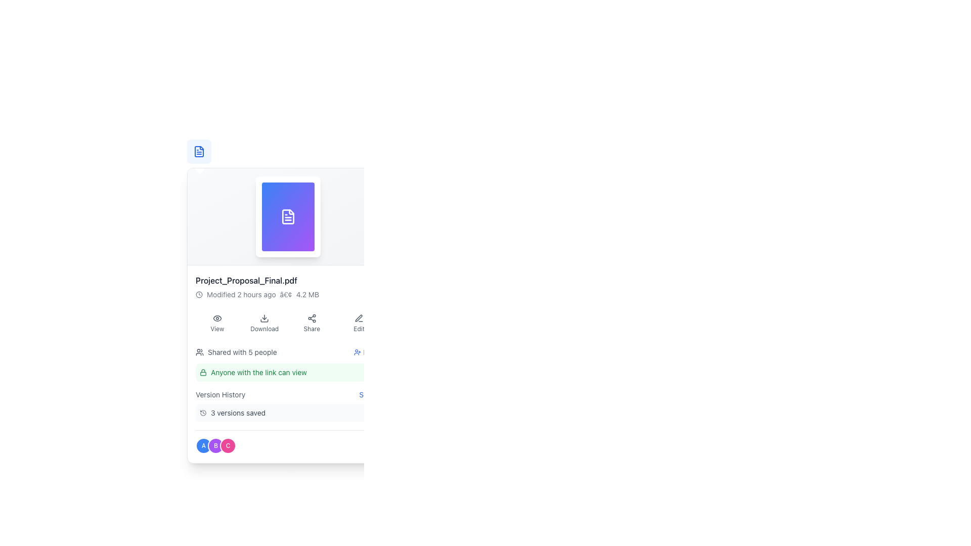 This screenshot has height=546, width=971. I want to click on the file/document icon located inside the circular button at the top-left section of the displayed content, which is above a larger document thumbnail, so click(199, 152).